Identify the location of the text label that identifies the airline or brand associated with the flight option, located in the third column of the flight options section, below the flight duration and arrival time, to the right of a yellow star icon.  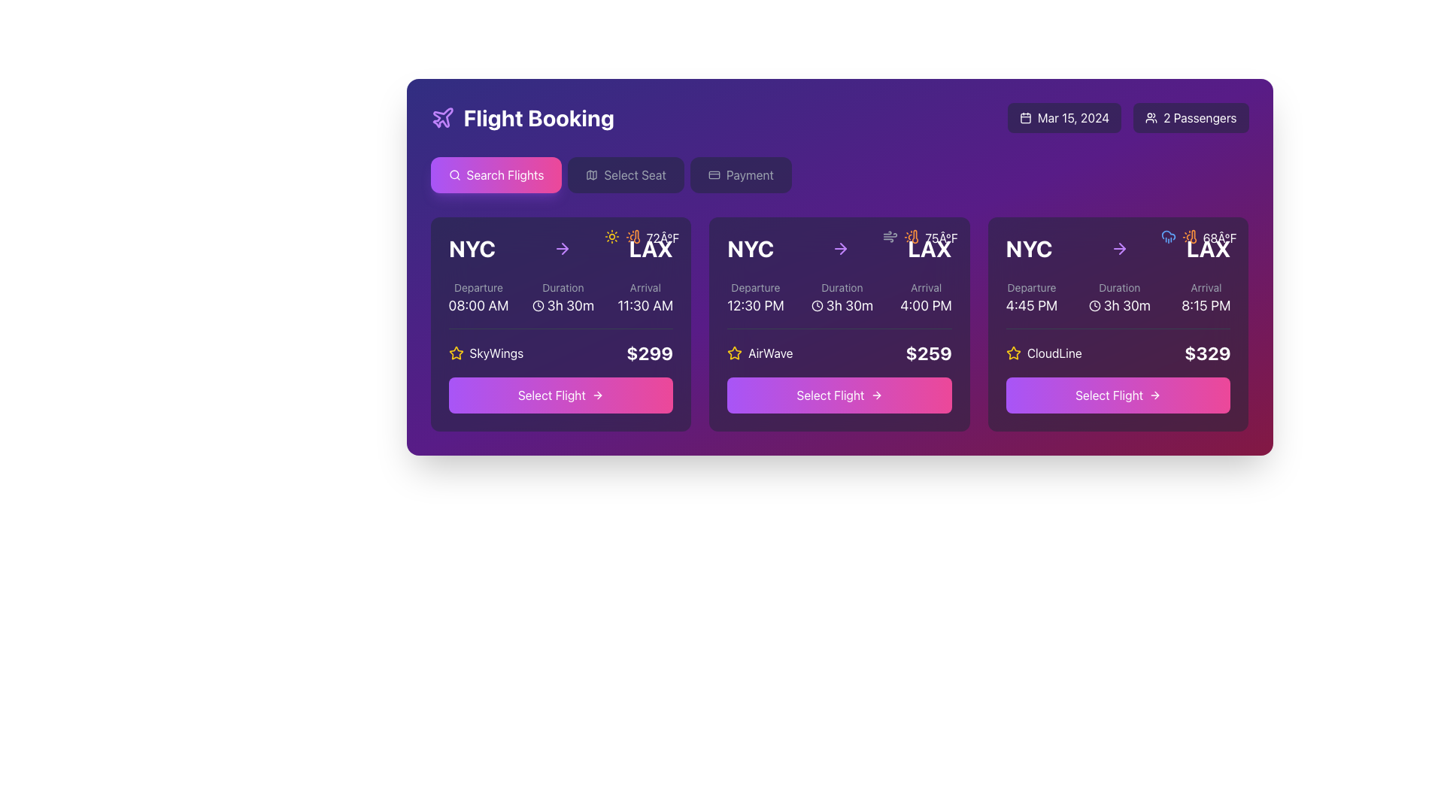
(1054, 353).